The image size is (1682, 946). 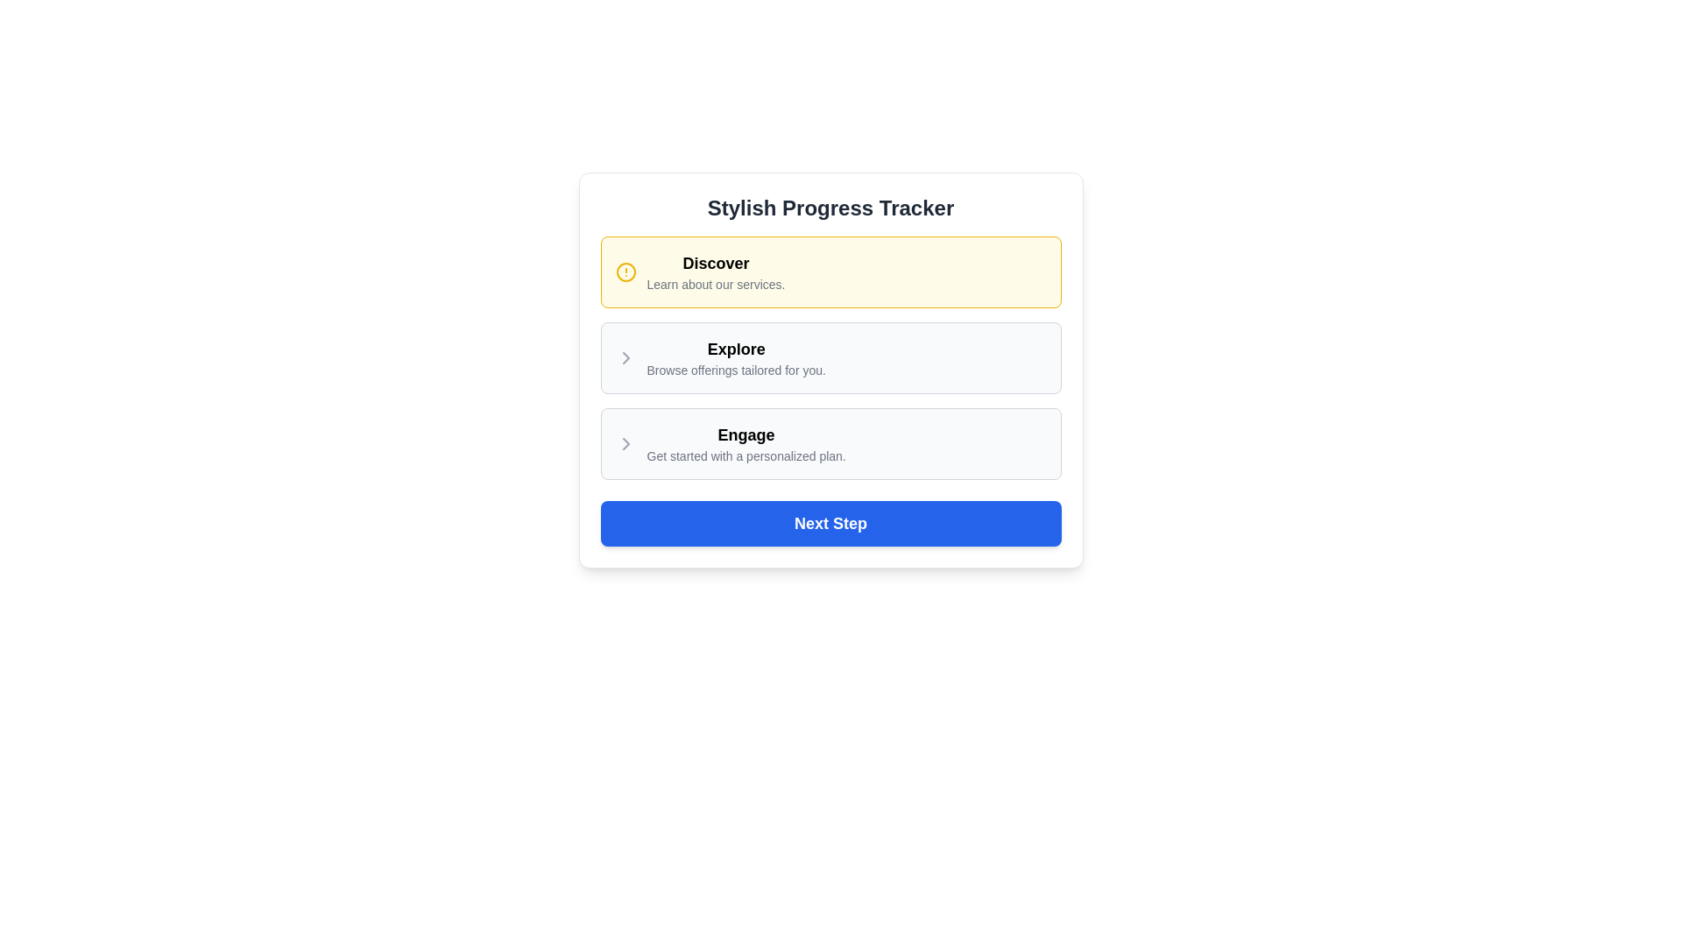 What do you see at coordinates (716, 263) in the screenshot?
I see `the 'Discover' text label, which is styled in bold and larger font on a creamy yellow background, located at the top of the item card` at bounding box center [716, 263].